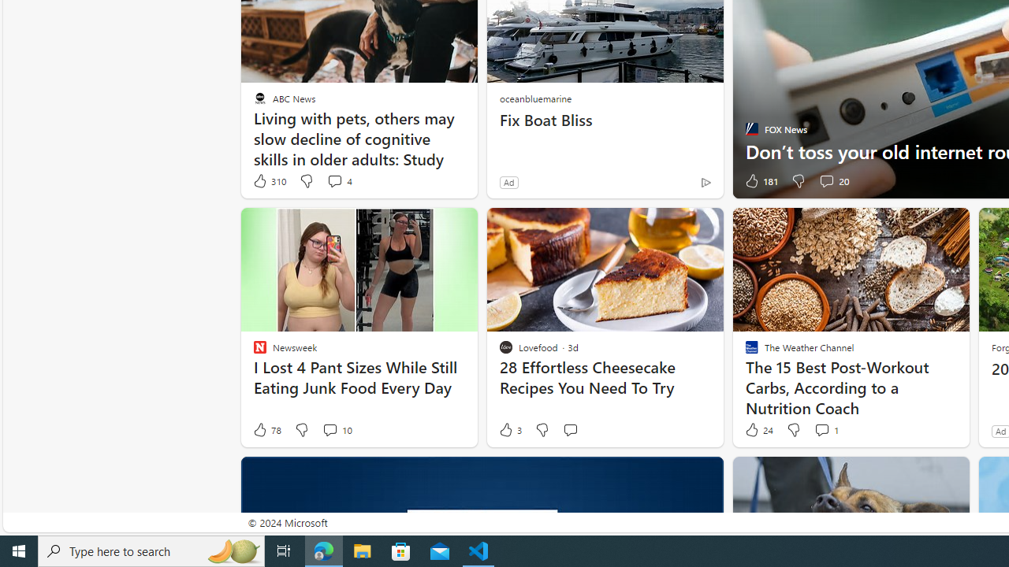 Image resolution: width=1009 pixels, height=567 pixels. I want to click on '310 Like', so click(269, 180).